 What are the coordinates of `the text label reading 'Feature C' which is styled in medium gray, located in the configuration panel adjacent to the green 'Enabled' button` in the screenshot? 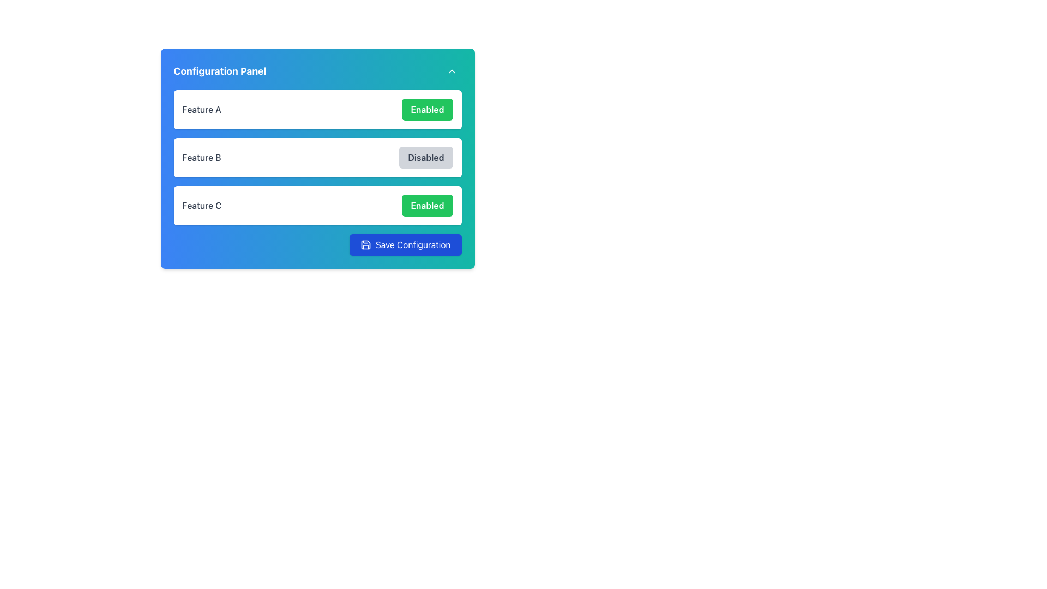 It's located at (202, 206).